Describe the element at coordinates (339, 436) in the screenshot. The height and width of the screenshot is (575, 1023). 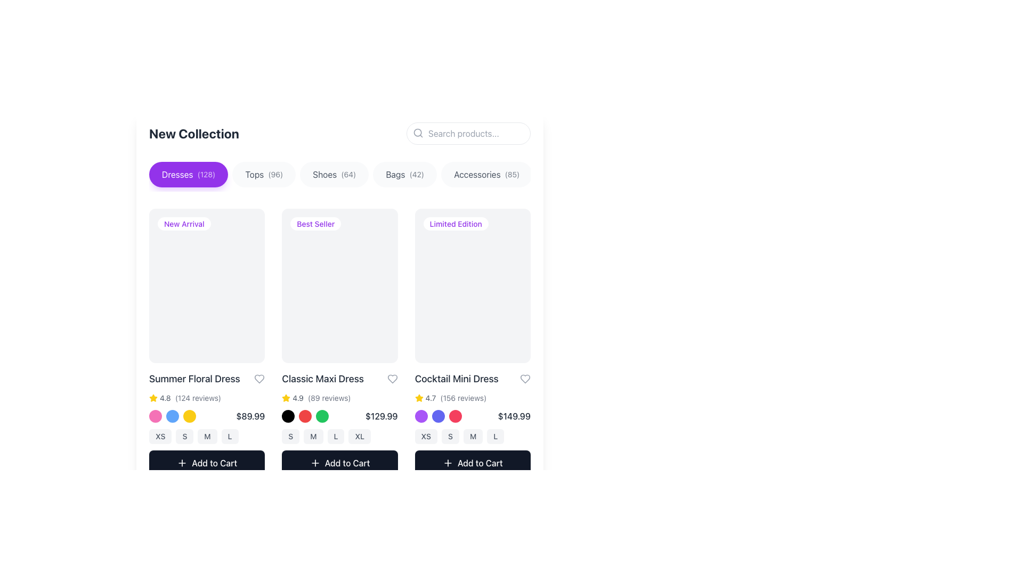
I see `the Size selector buttons displaying 'S', 'M', 'L', and 'XL'` at that location.